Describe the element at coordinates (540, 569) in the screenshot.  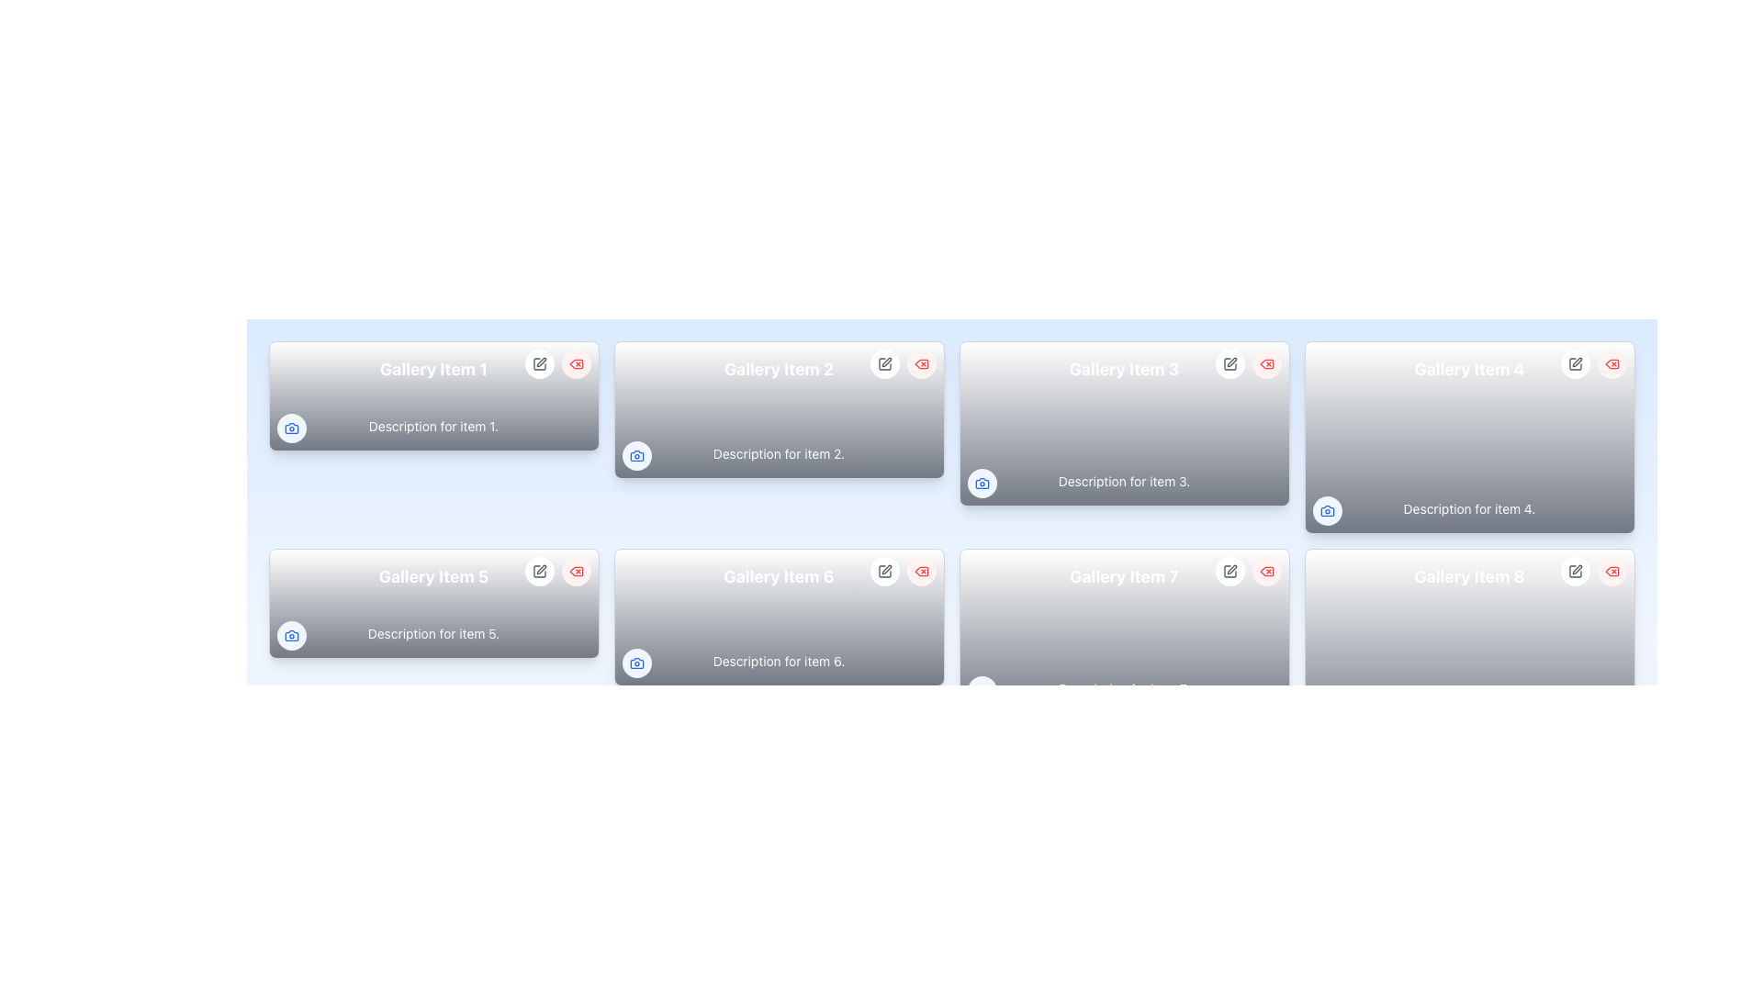
I see `the edit pen icon located at the top-right corner of the card labeled 'Gallery Item 5'` at that location.